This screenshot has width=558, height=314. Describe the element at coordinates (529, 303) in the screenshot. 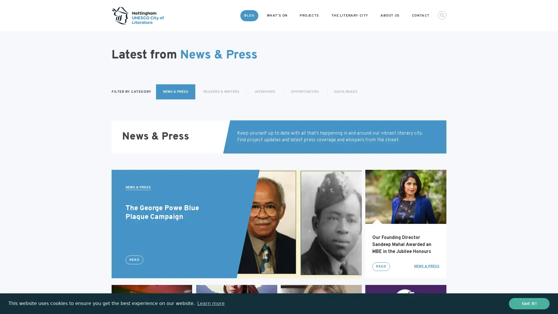

I see `dismiss cookie message` at that location.